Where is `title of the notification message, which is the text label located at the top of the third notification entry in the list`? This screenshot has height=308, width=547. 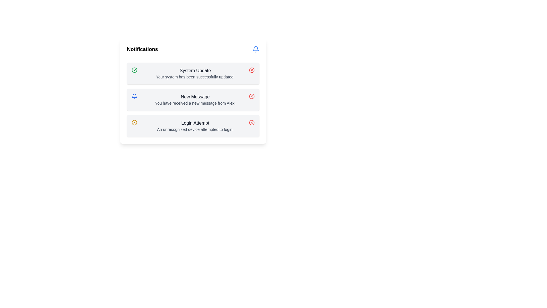 title of the notification message, which is the text label located at the top of the third notification entry in the list is located at coordinates (195, 123).